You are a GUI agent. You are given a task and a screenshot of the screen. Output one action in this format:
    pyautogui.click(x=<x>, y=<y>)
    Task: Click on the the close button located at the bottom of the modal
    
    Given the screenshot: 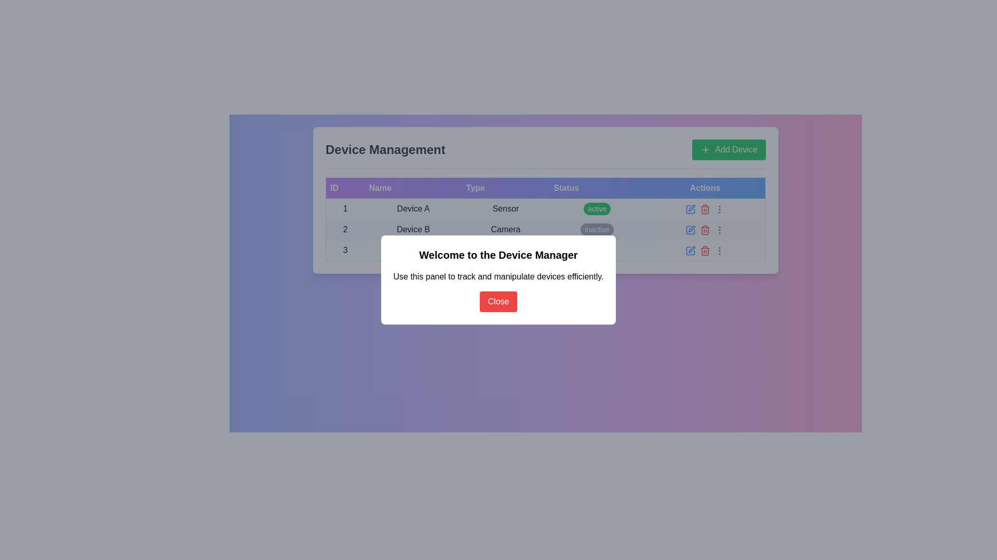 What is the action you would take?
    pyautogui.click(x=498, y=302)
    